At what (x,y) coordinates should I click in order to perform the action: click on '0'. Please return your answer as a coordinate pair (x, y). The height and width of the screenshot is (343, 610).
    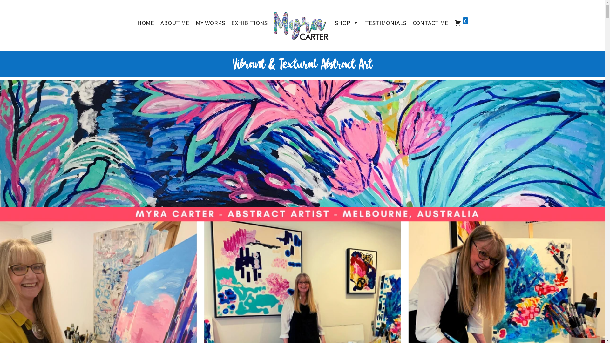
    Looking at the image, I should click on (461, 23).